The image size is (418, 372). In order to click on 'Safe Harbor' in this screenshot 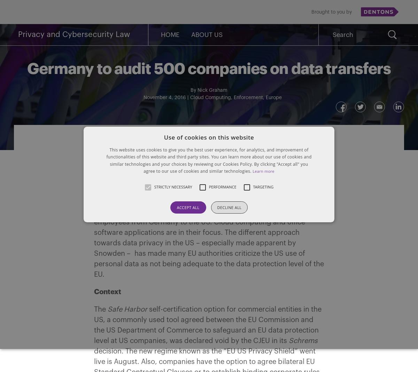, I will do `click(127, 310)`.